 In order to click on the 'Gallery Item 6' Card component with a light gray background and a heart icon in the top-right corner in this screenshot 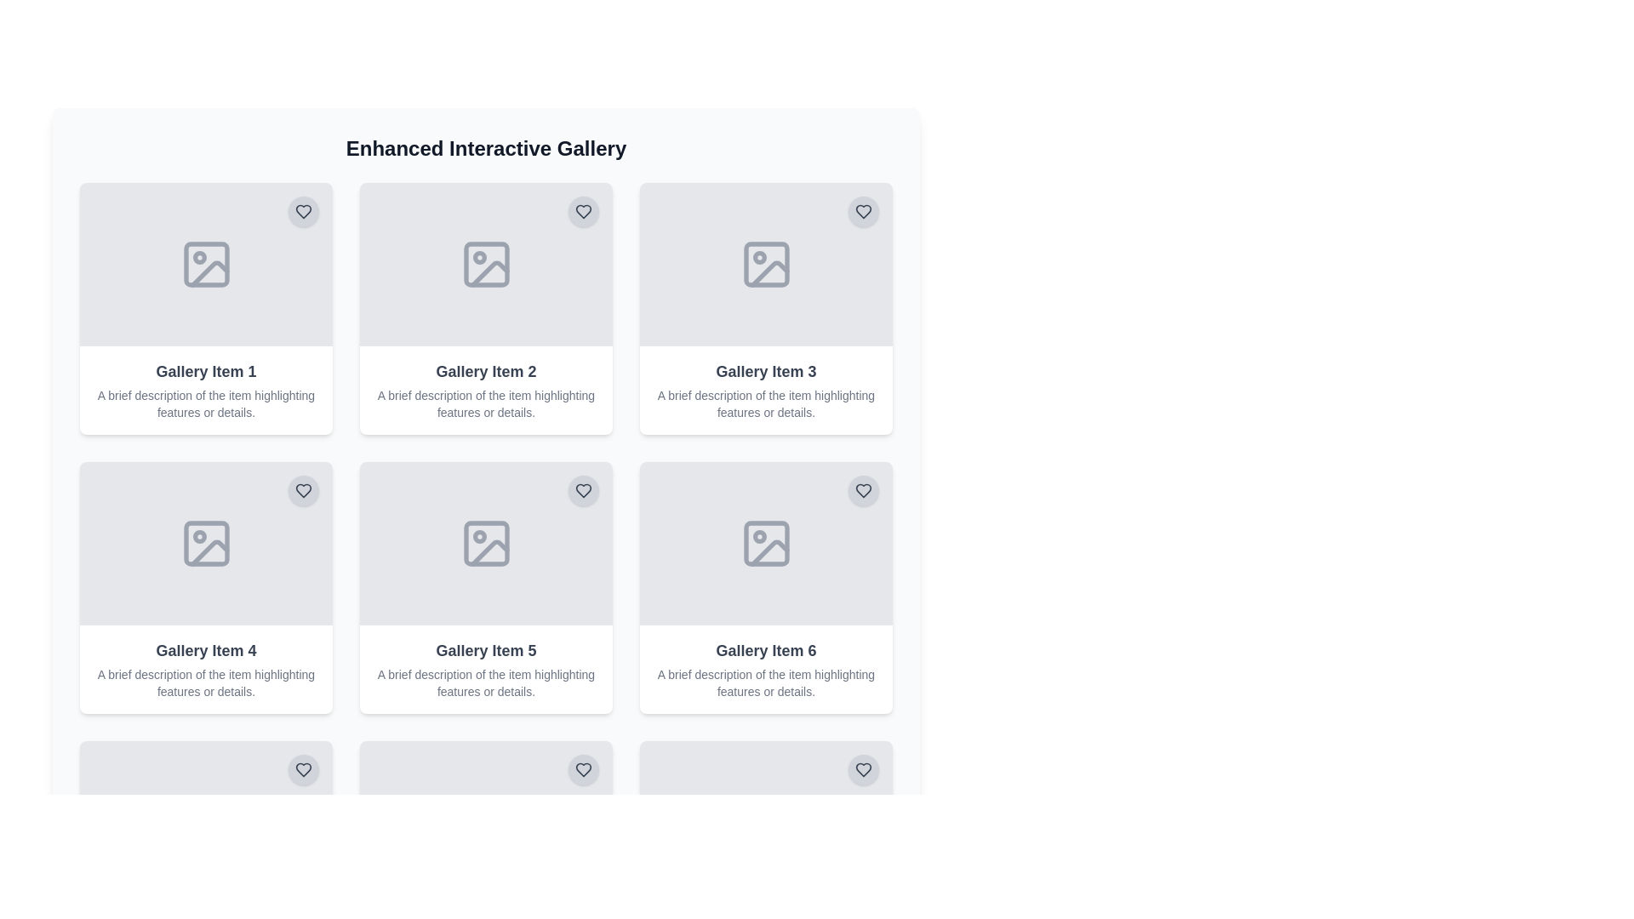, I will do `click(765, 544)`.